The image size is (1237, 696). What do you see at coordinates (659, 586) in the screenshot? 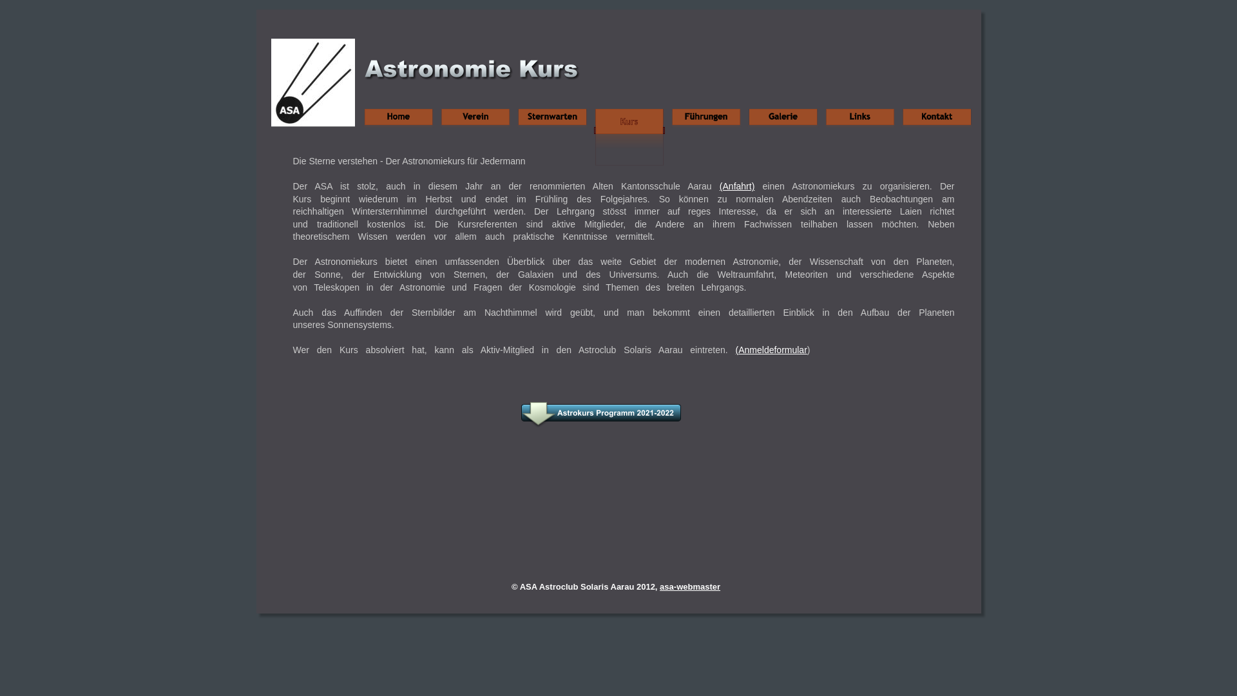
I see `'asa-webmaster'` at bounding box center [659, 586].